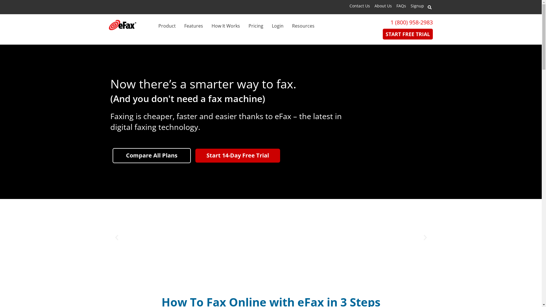  Describe the element at coordinates (112, 155) in the screenshot. I see `'Compare All Plans'` at that location.